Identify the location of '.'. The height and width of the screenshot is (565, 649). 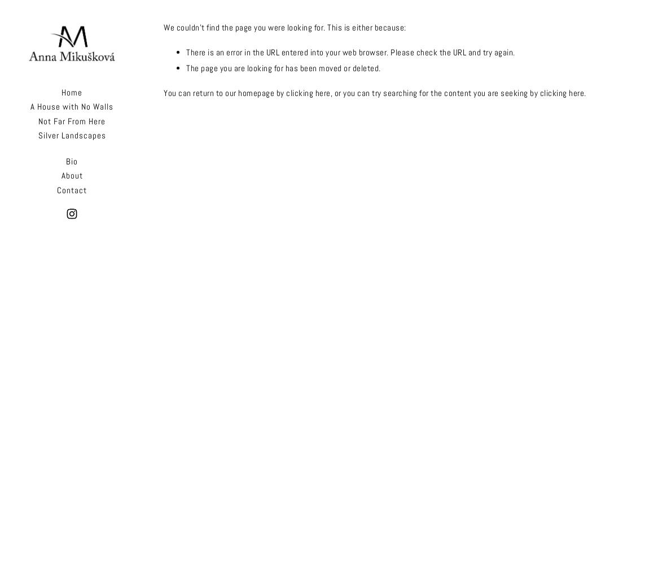
(585, 92).